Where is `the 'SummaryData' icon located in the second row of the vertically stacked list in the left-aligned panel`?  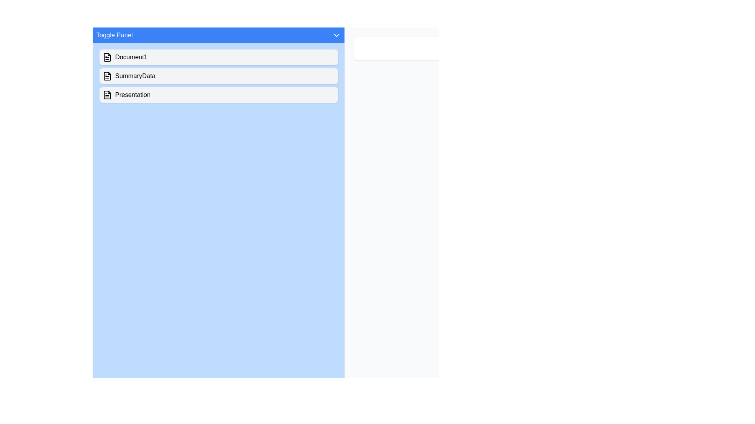
the 'SummaryData' icon located in the second row of the vertically stacked list in the left-aligned panel is located at coordinates (107, 76).